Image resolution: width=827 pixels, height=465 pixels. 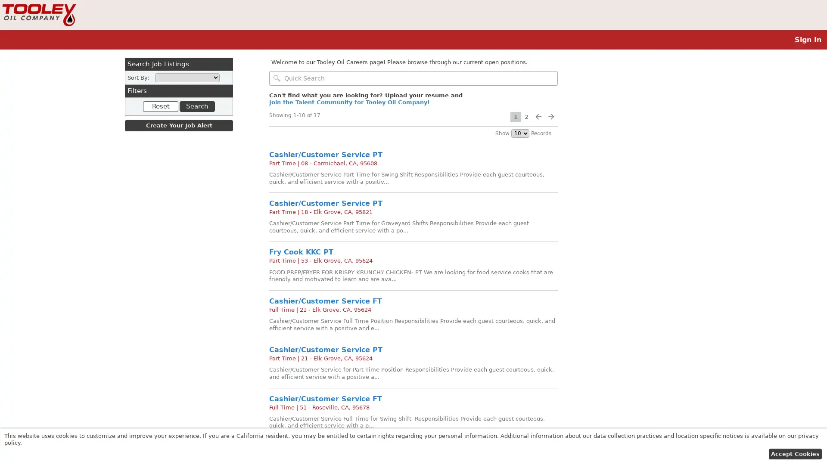 What do you see at coordinates (178, 126) in the screenshot?
I see `Create Your Job Alert` at bounding box center [178, 126].